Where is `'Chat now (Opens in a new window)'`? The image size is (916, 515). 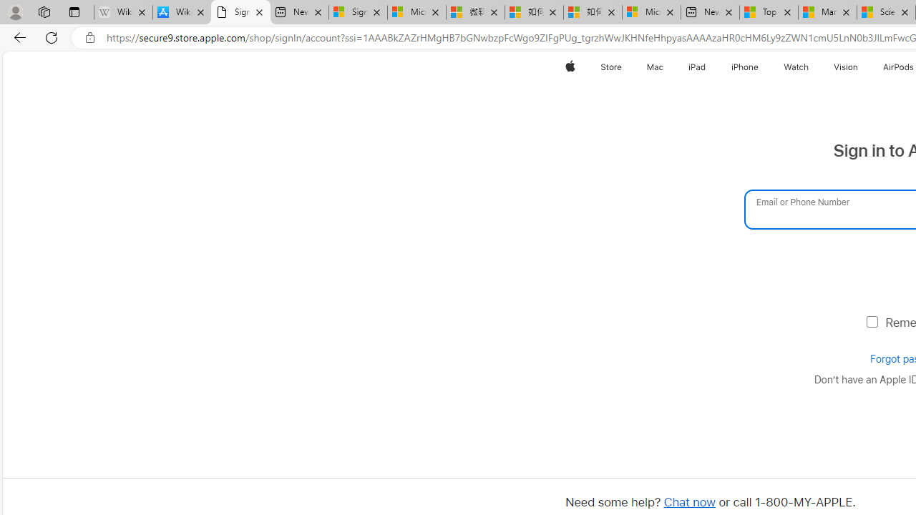 'Chat now (Opens in a new window)' is located at coordinates (689, 501).